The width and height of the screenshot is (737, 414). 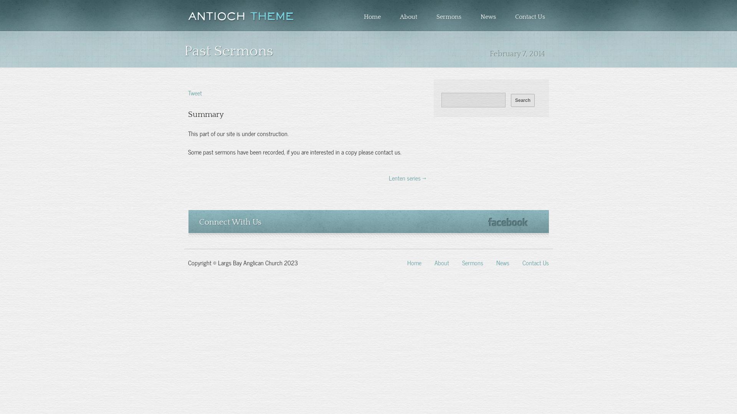 What do you see at coordinates (195, 92) in the screenshot?
I see `'Tweet'` at bounding box center [195, 92].